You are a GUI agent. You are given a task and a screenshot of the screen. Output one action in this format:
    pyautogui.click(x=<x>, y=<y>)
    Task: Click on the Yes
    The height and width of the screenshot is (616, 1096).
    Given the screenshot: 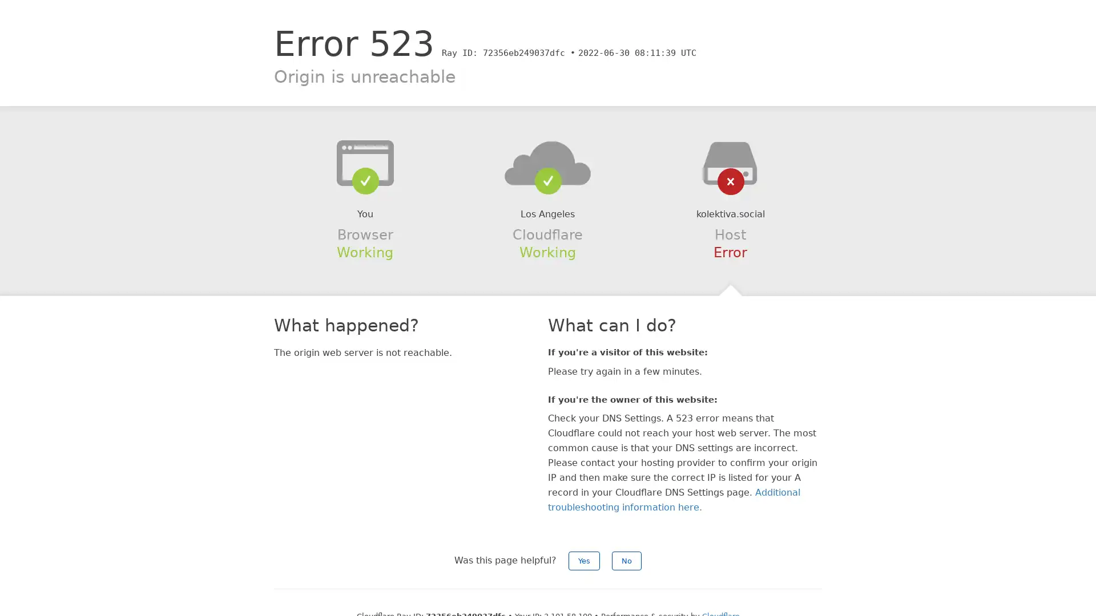 What is the action you would take?
    pyautogui.click(x=584, y=560)
    